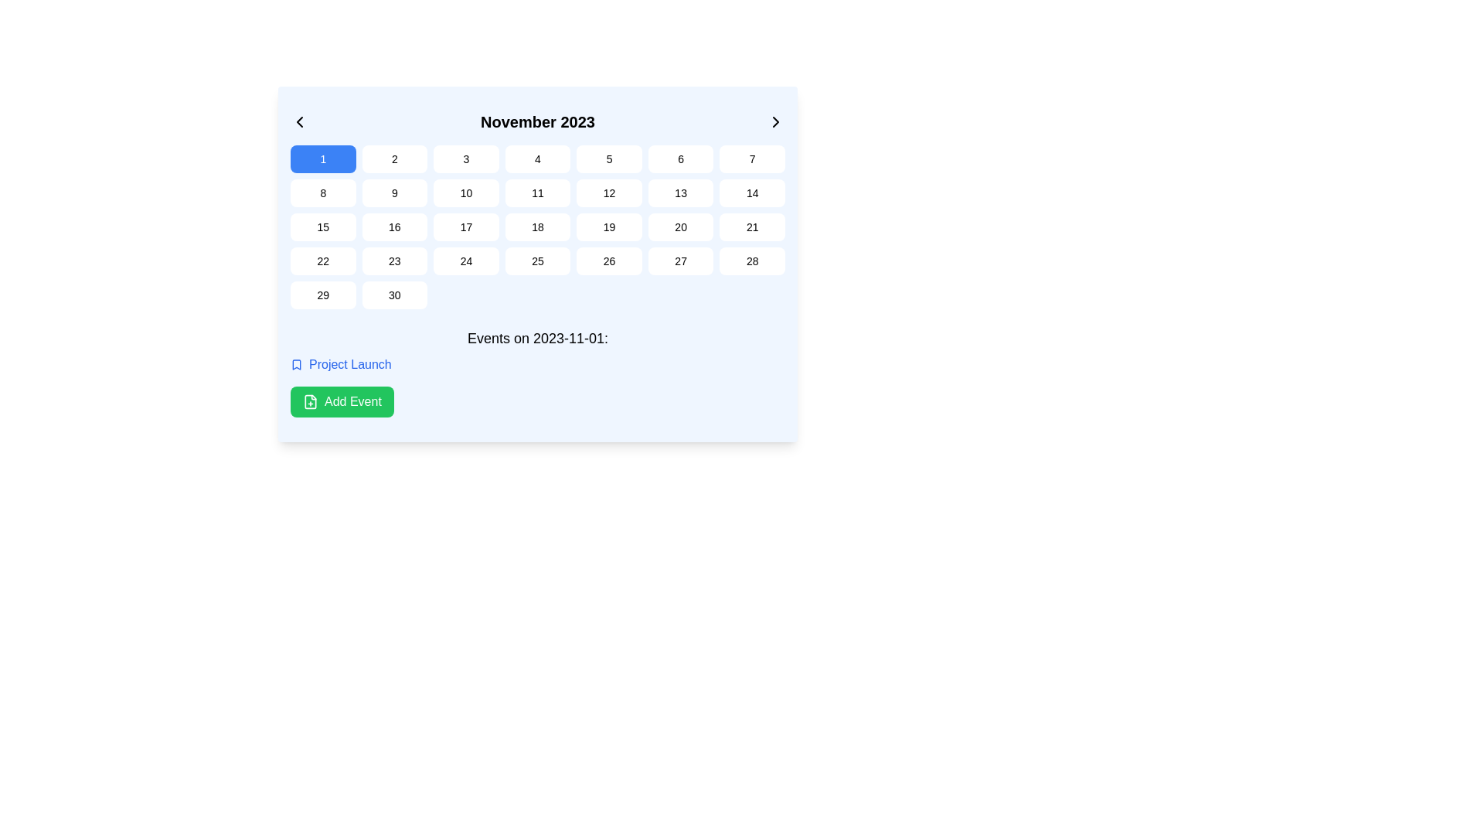  What do you see at coordinates (341, 401) in the screenshot?
I see `the green 'Add Event' button, which features a file icon with a plus sign and is located below the text 'Events on 2023-11-01:' and aligned with 'Project Launch'` at bounding box center [341, 401].